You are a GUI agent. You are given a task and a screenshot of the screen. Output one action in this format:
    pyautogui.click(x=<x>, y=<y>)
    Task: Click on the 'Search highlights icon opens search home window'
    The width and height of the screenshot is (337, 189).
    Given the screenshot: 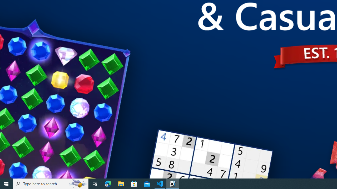 What is the action you would take?
    pyautogui.click(x=77, y=183)
    